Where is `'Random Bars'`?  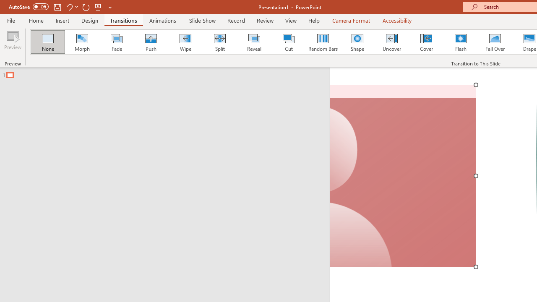 'Random Bars' is located at coordinates (323, 42).